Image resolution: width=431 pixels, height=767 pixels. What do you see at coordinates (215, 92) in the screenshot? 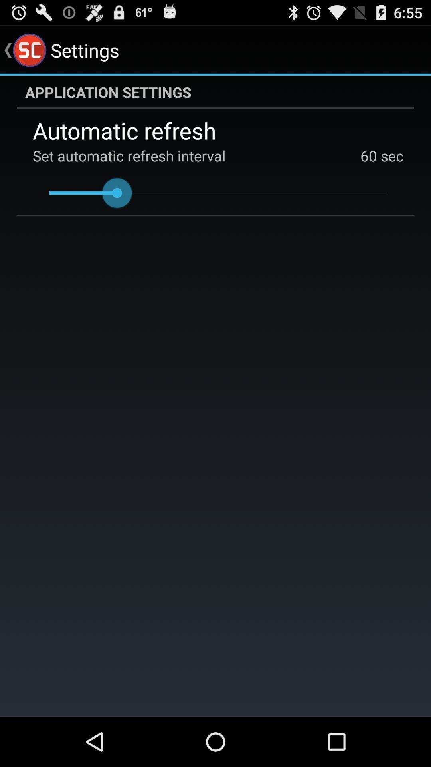
I see `the application settings app` at bounding box center [215, 92].